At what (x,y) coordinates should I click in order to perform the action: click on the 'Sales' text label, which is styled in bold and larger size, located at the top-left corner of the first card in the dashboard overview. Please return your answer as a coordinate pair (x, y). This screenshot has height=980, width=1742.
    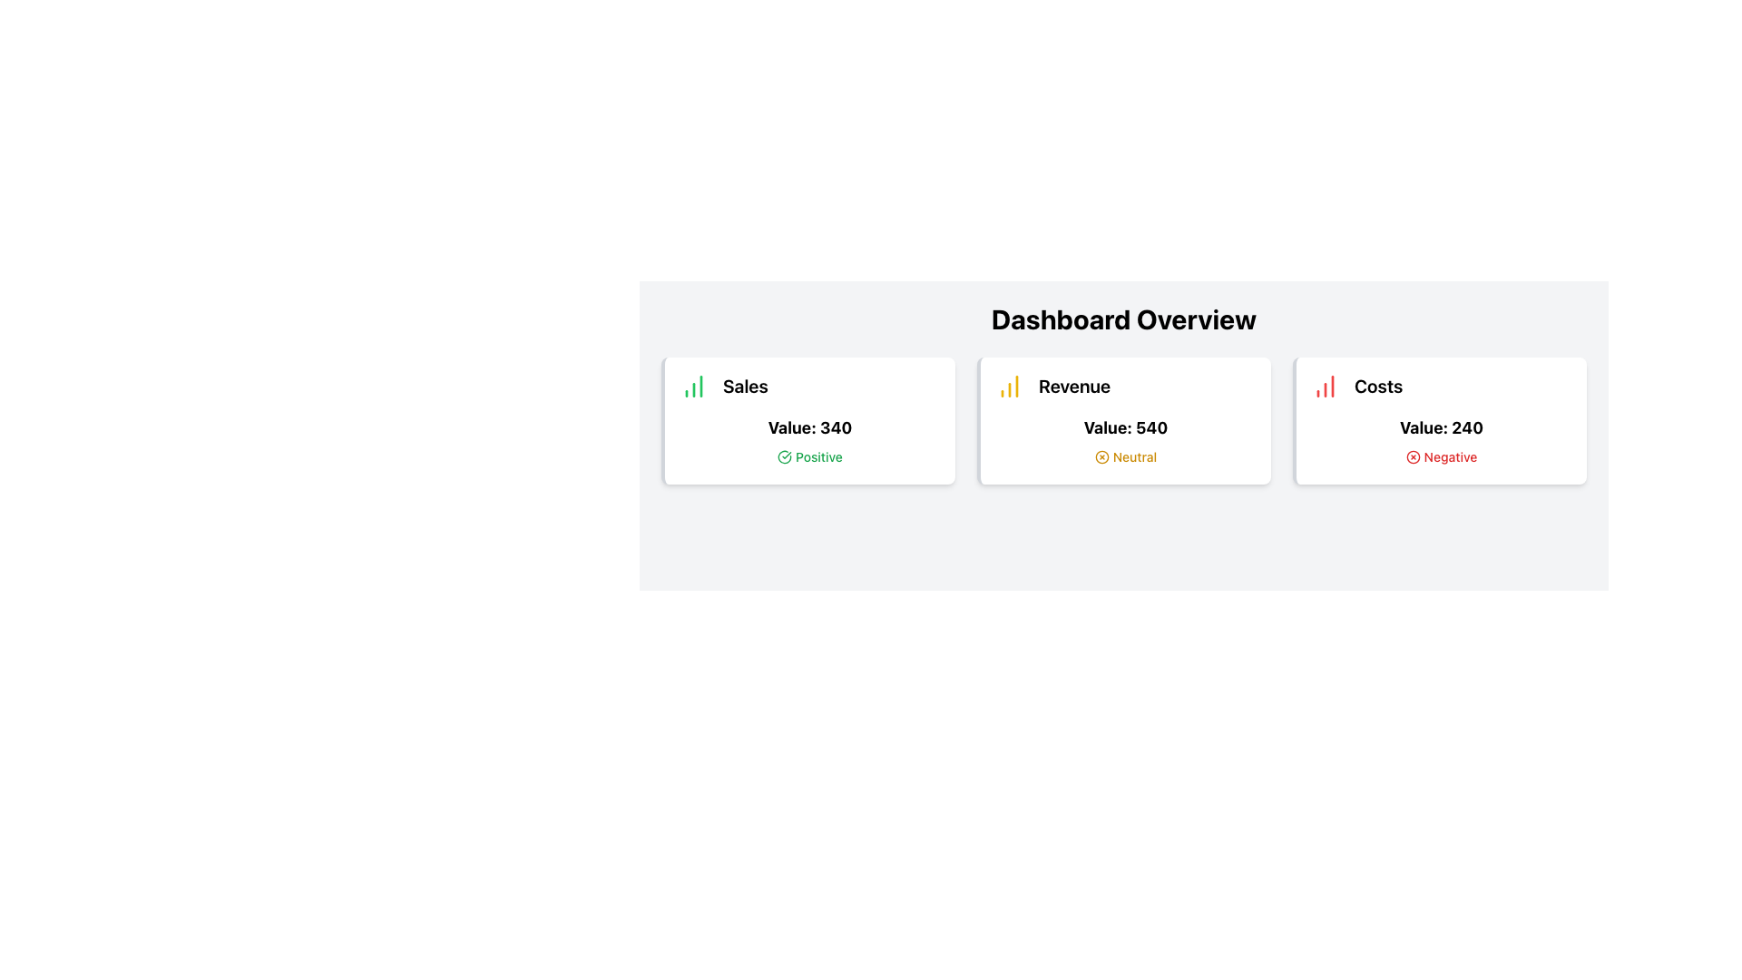
    Looking at the image, I should click on (745, 385).